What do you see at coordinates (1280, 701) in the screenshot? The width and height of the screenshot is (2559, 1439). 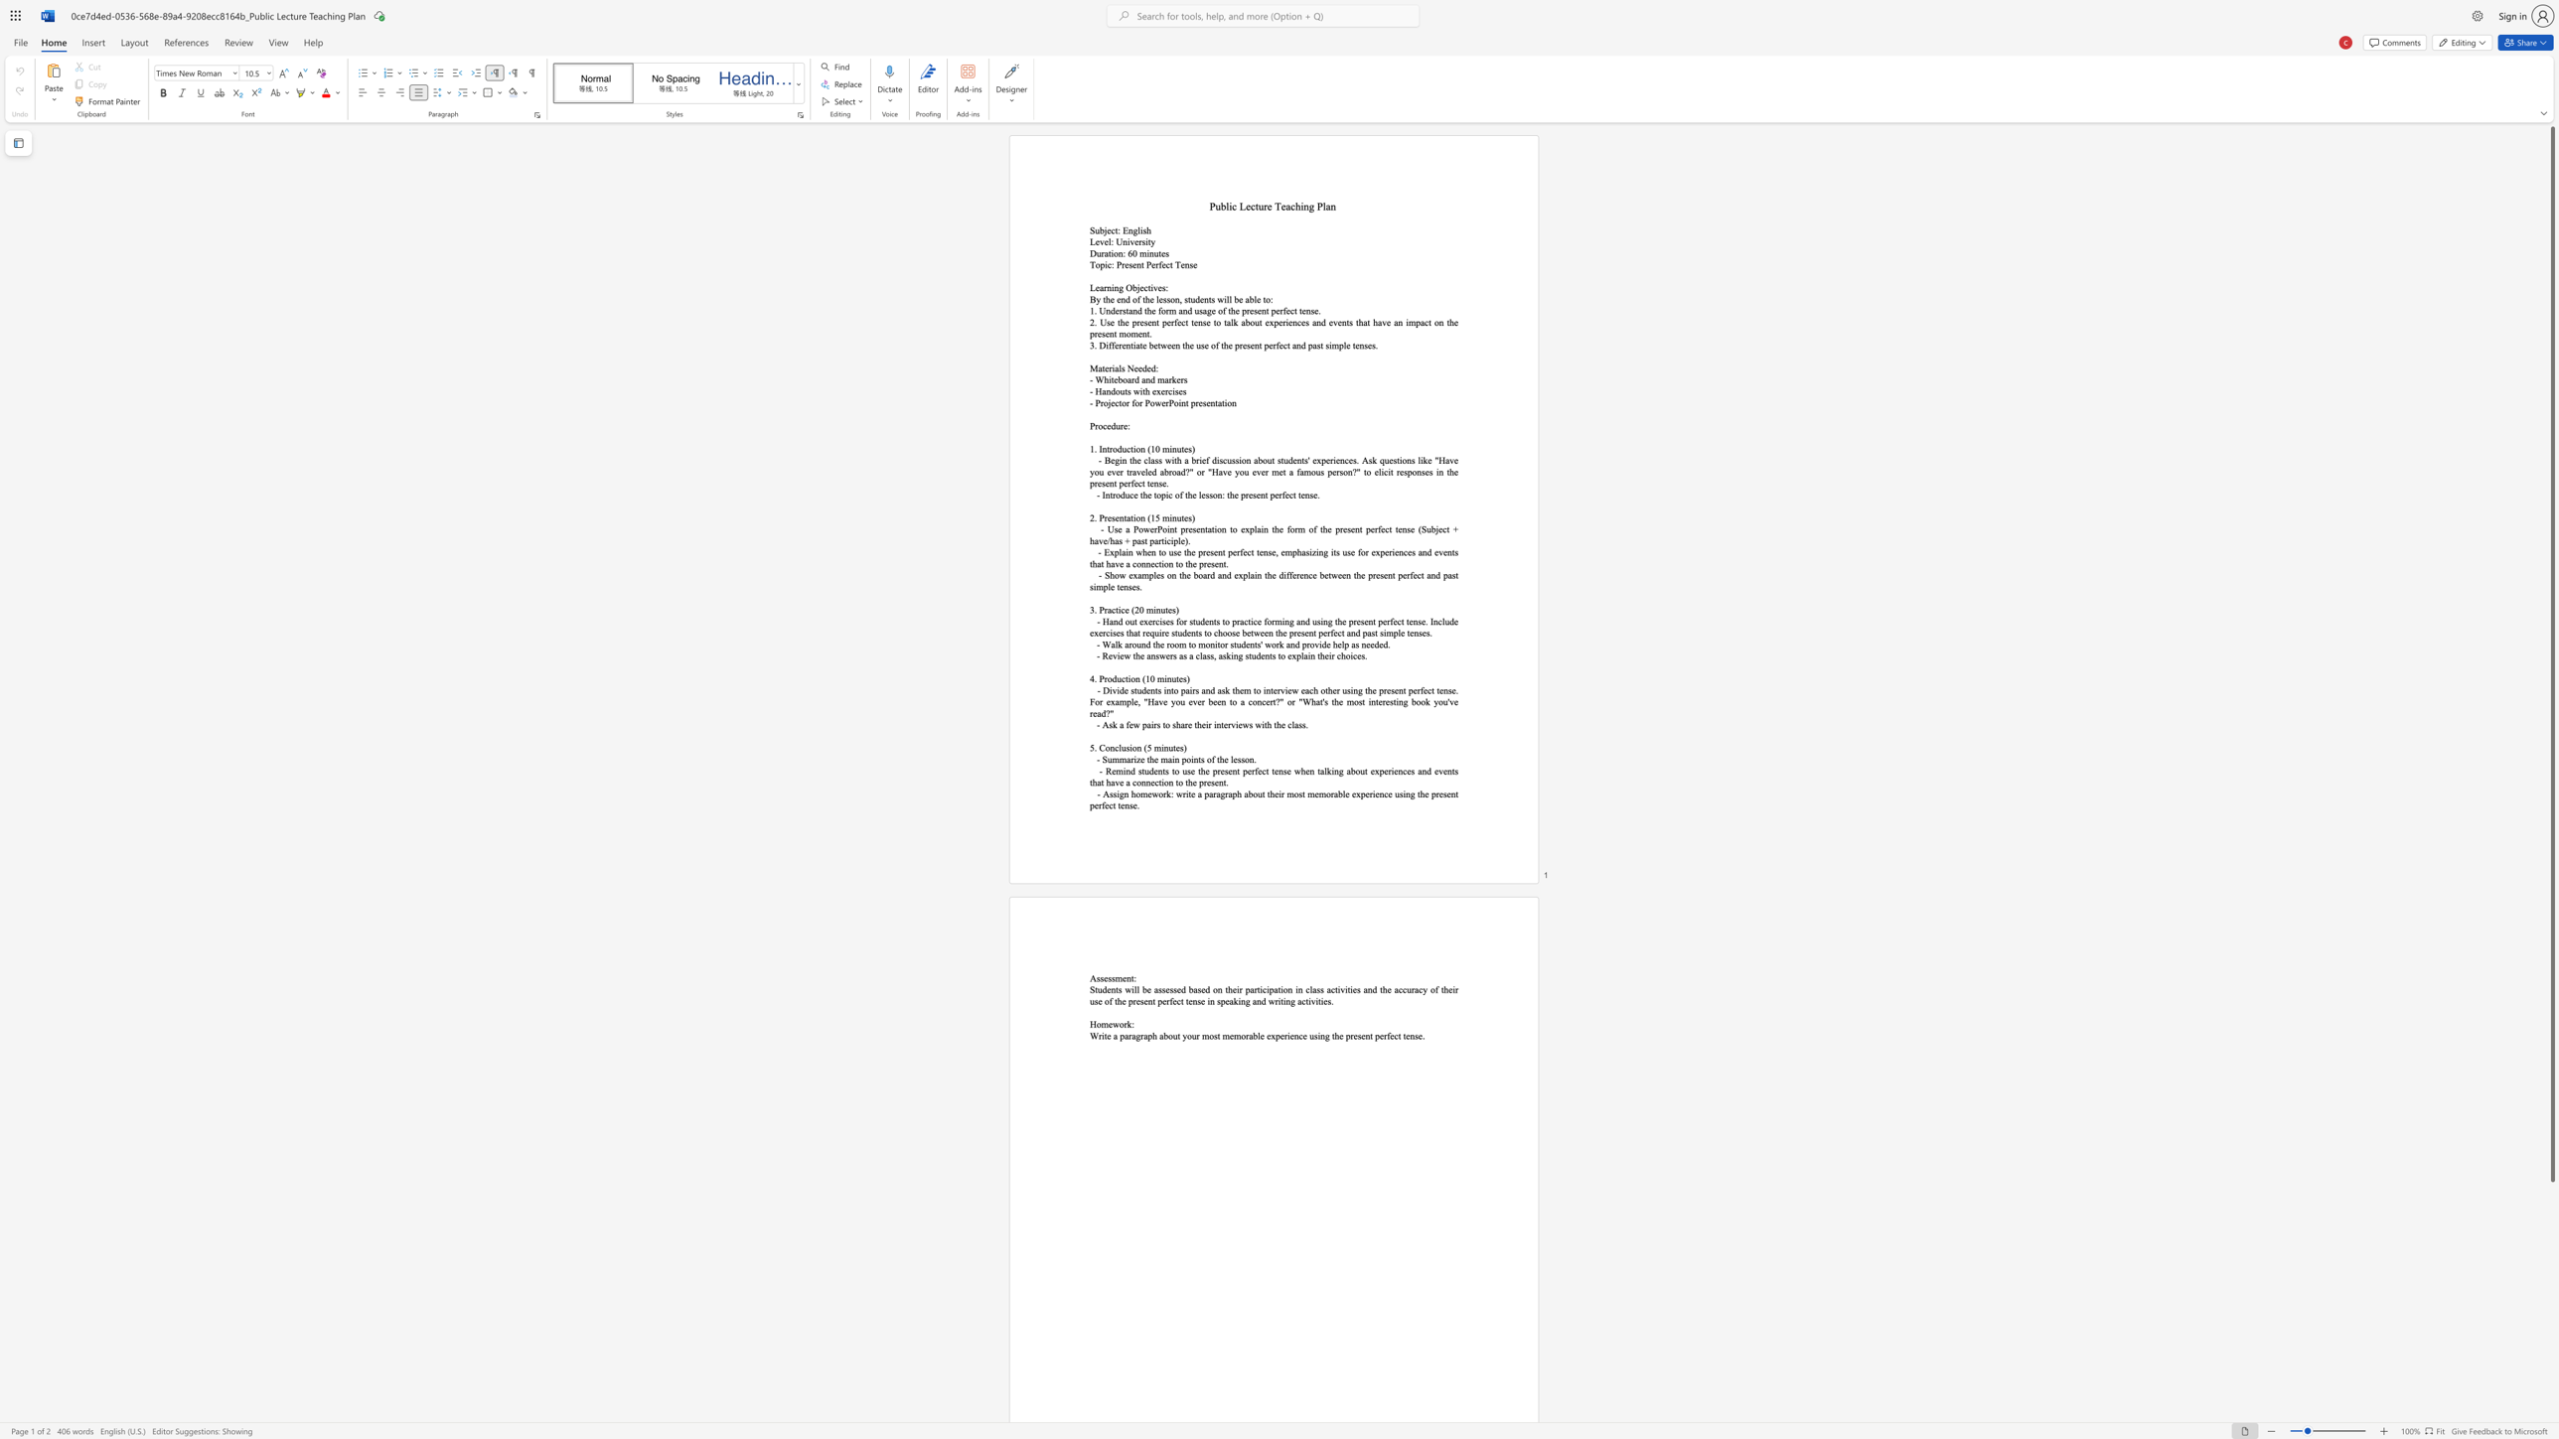 I see `the 2th character """ in the text` at bounding box center [1280, 701].